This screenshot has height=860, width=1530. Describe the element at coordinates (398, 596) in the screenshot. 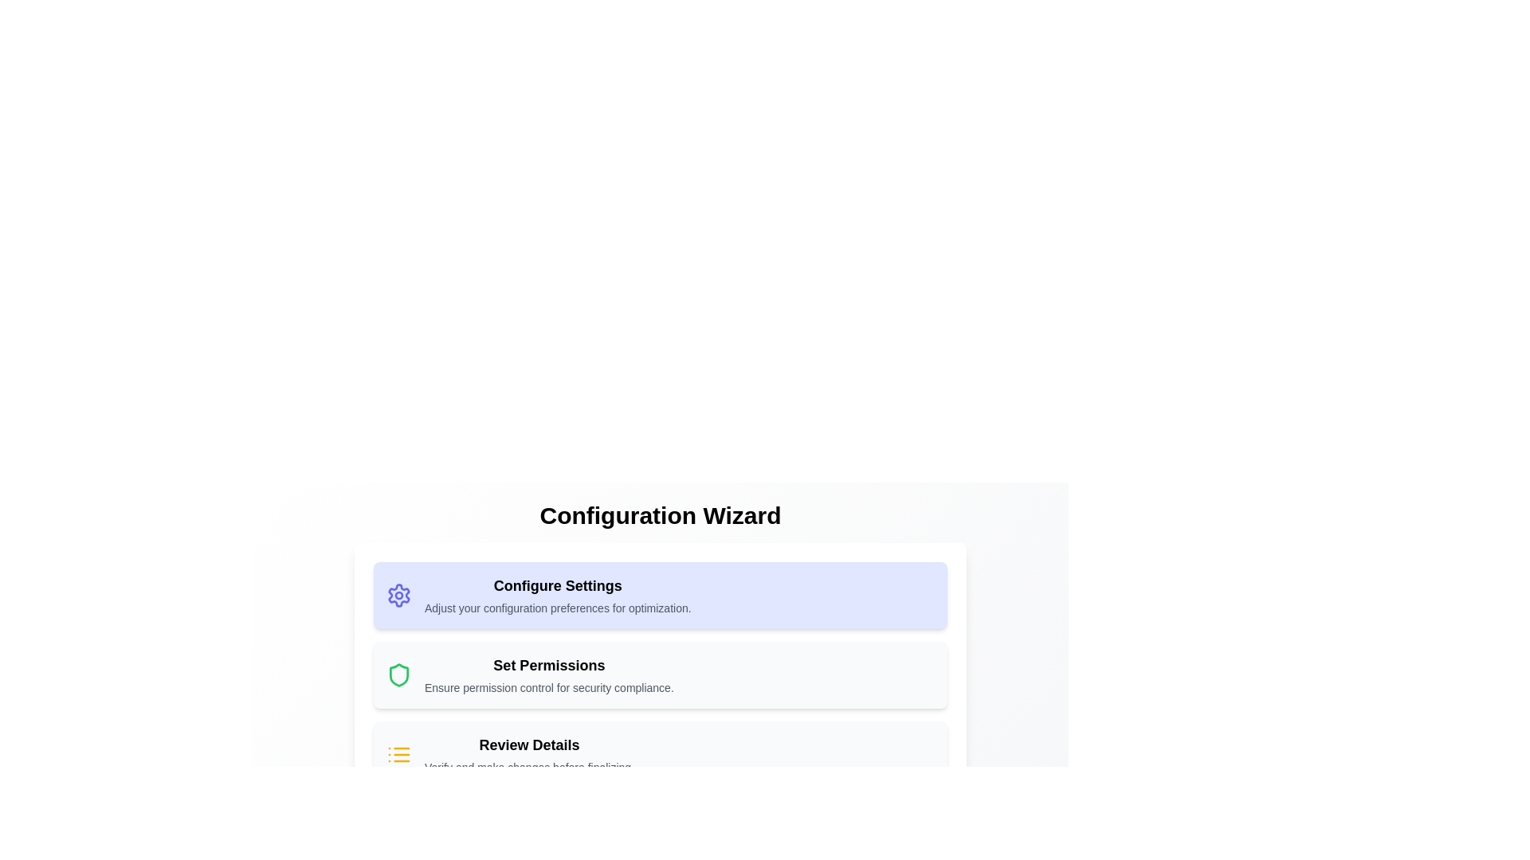

I see `the gear-like icon representing configuration or settings, which is located in the first item of the vertical menu labeled 'Configure Settings.'` at that location.